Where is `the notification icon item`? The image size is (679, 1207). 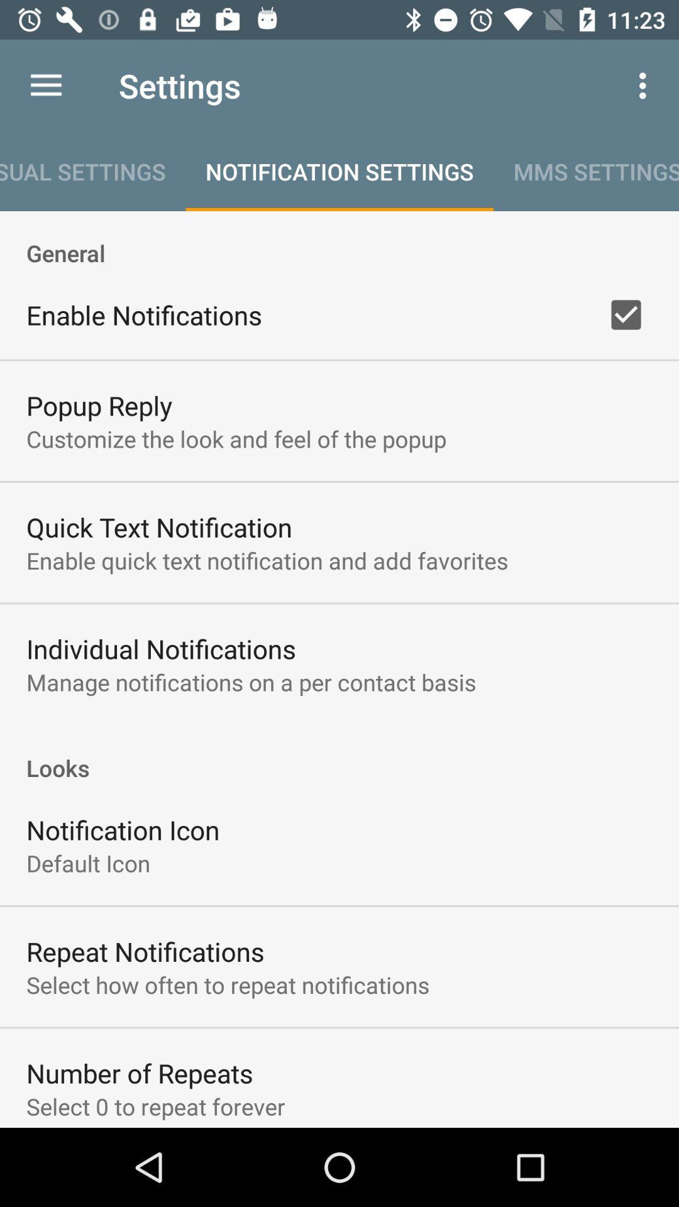
the notification icon item is located at coordinates (123, 830).